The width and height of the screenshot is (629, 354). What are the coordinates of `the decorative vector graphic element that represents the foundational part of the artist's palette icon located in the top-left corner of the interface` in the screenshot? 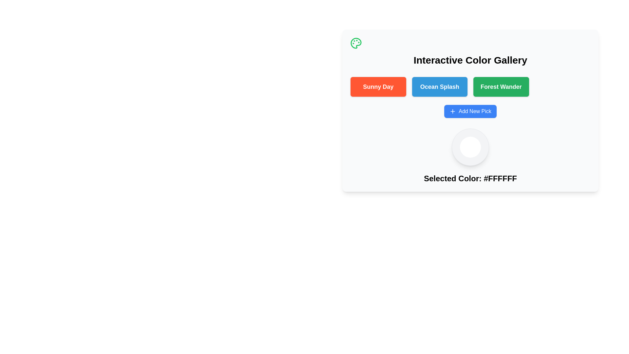 It's located at (355, 43).